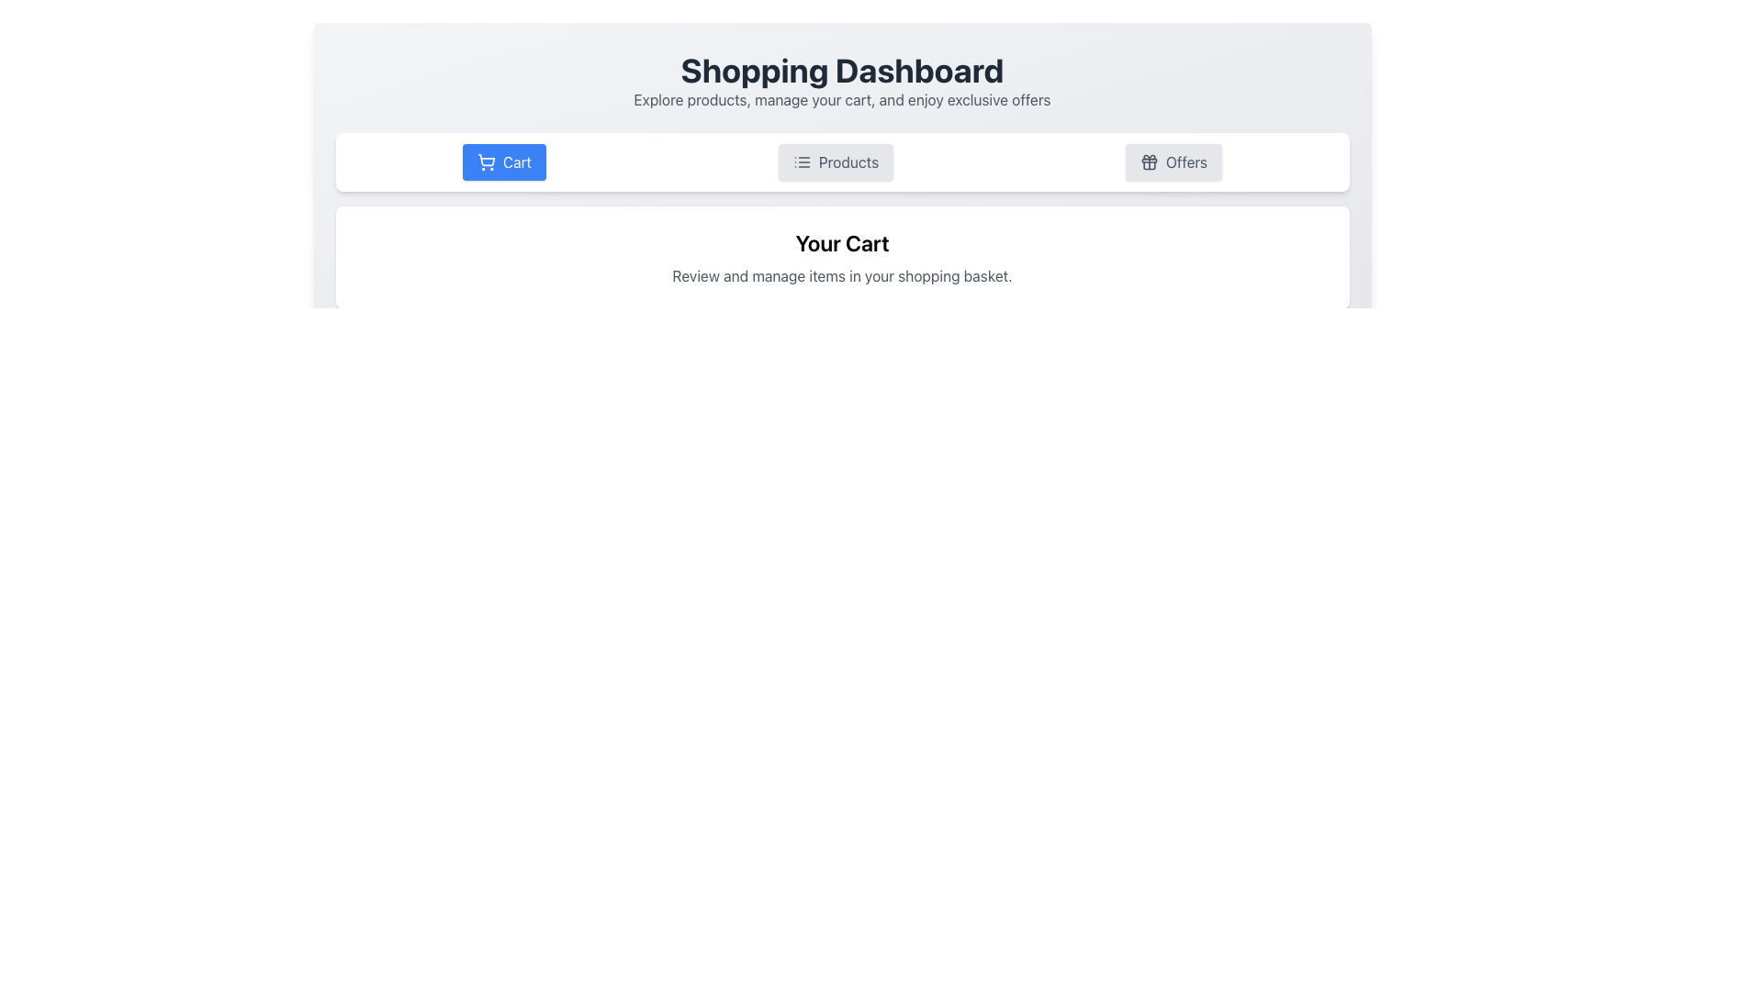 This screenshot has width=1763, height=991. I want to click on the heading element styled with a bold and large font size that contains the text 'Your Cart', which is centrally located below the navigation bar, so click(841, 242).